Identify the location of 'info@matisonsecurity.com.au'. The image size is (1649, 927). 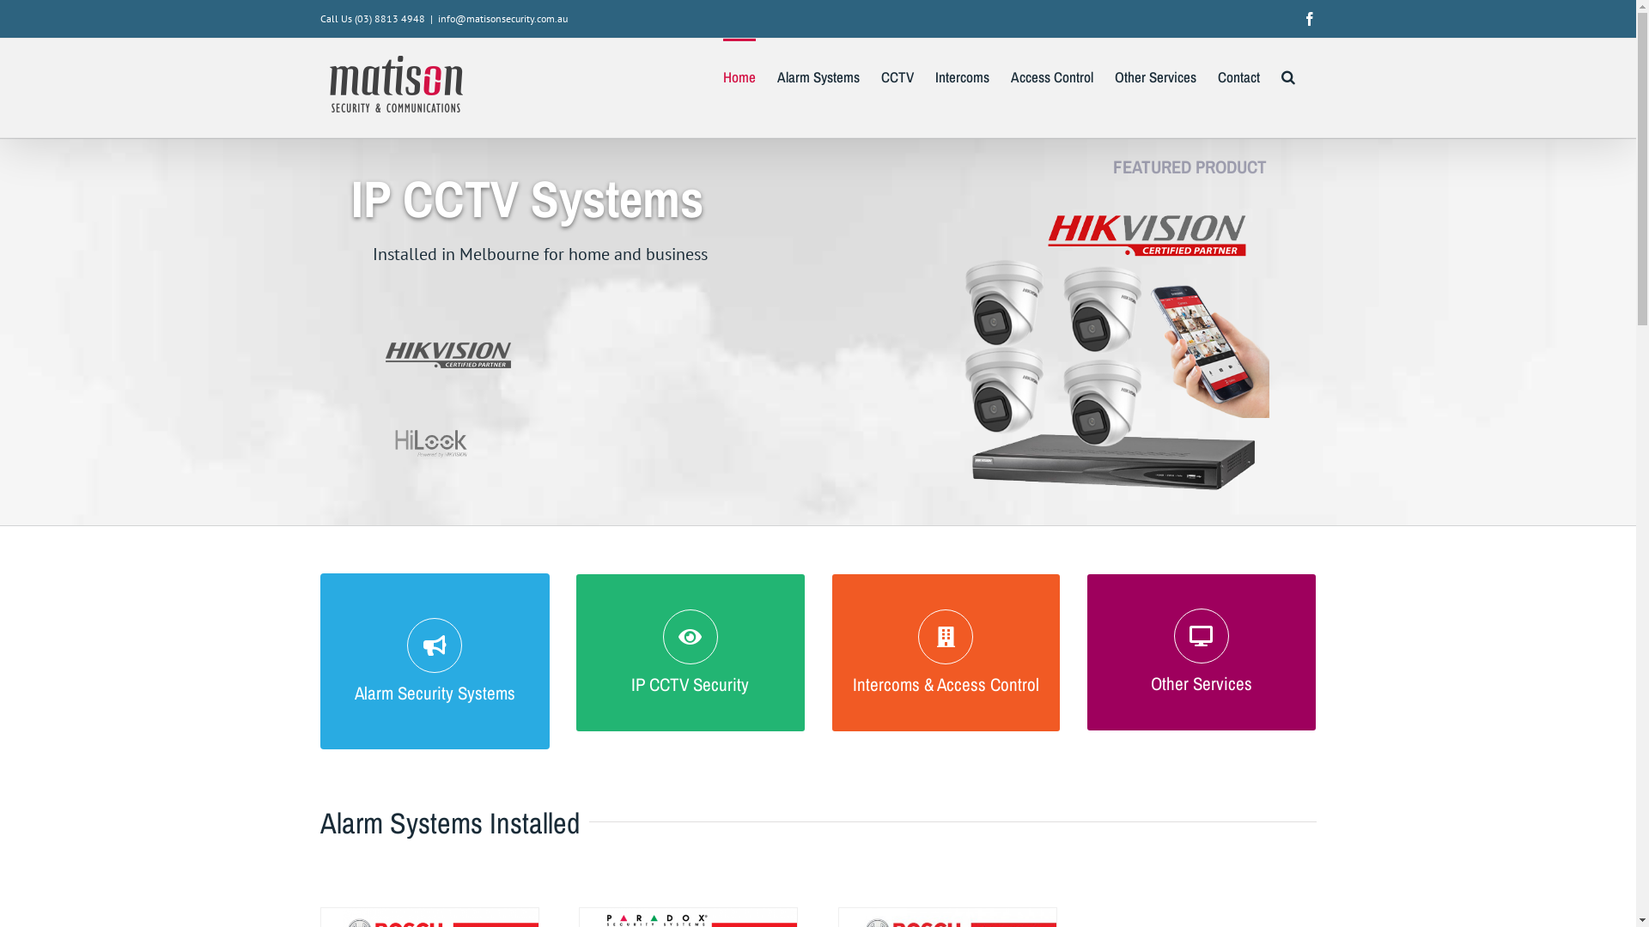
(502, 18).